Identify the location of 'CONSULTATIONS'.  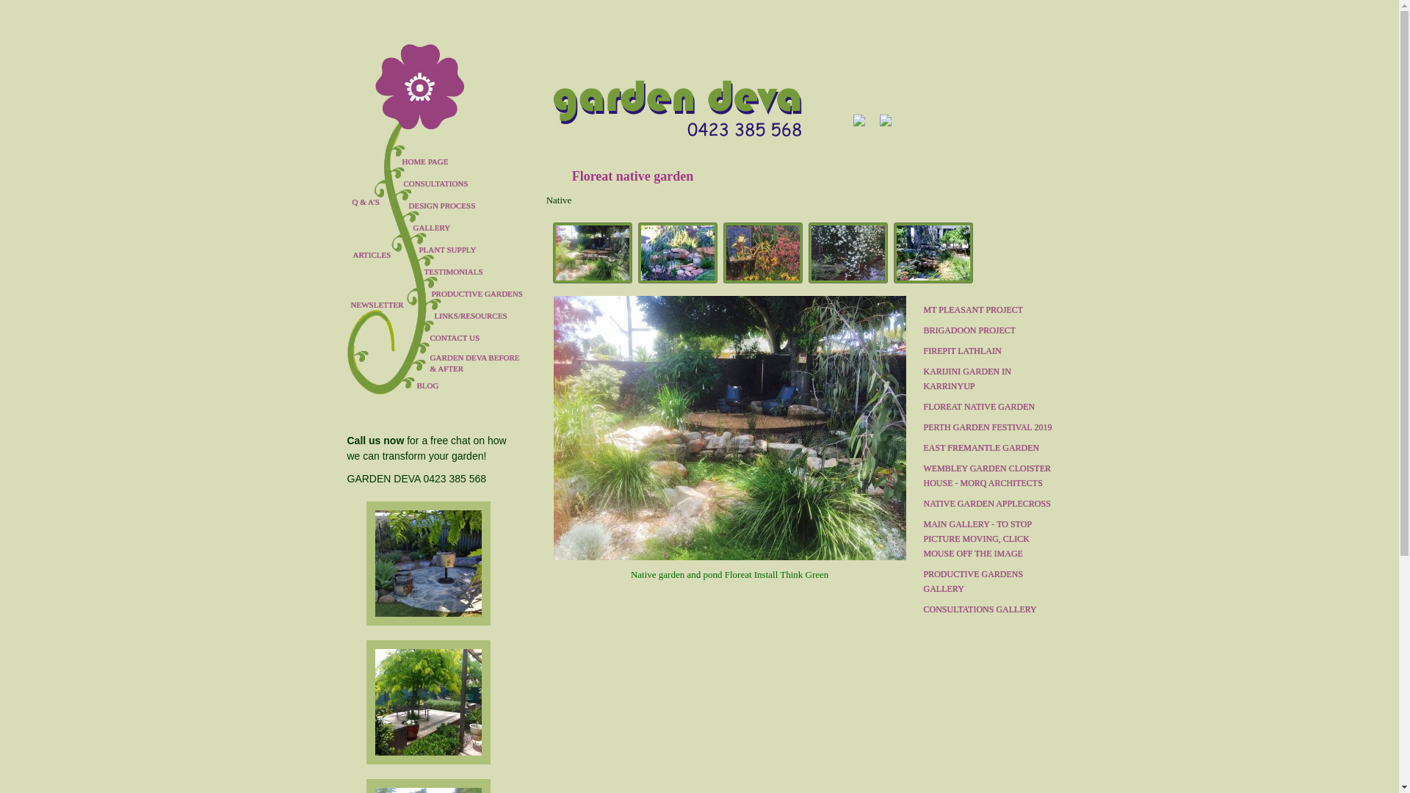
(472, 183).